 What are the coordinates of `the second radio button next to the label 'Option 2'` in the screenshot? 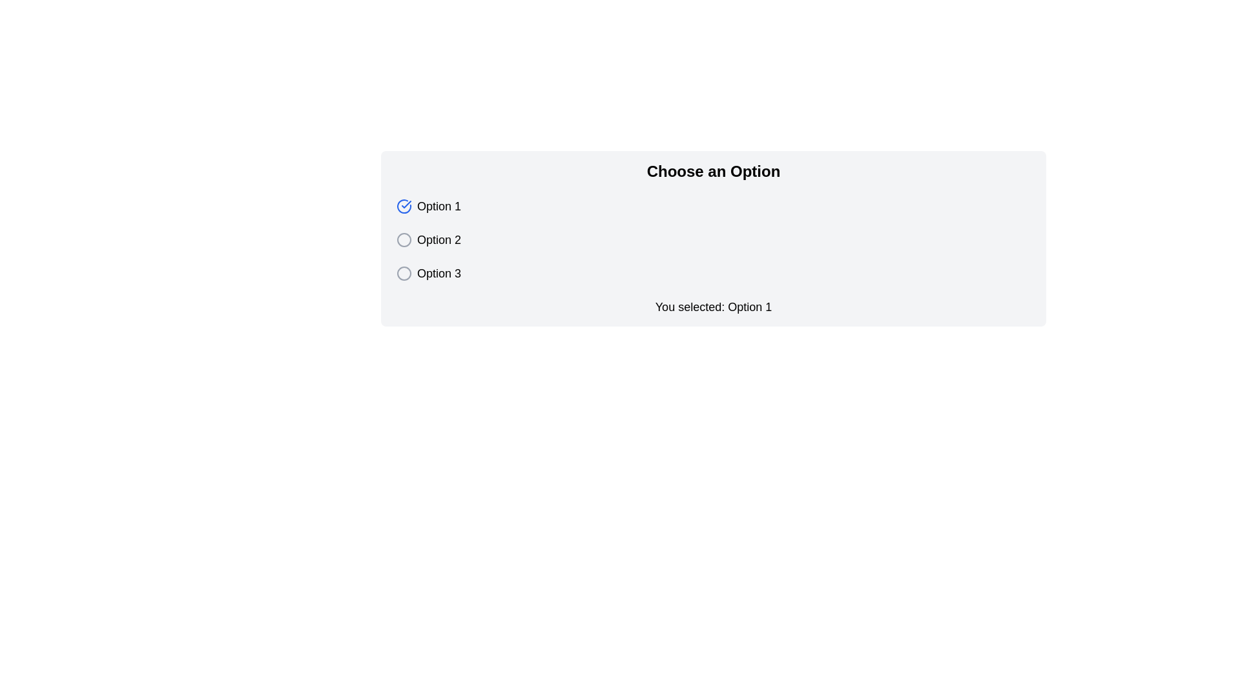 It's located at (403, 239).